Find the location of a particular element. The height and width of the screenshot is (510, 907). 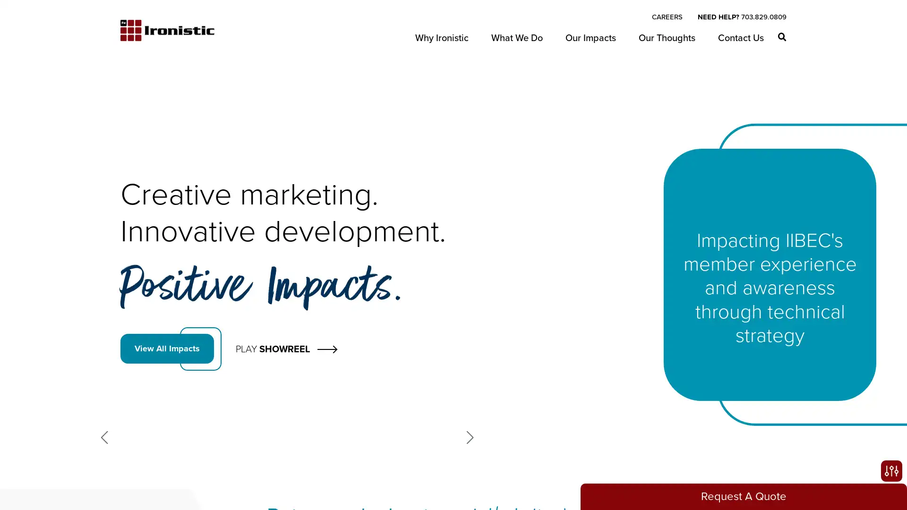

Next slide is located at coordinates (470, 437).